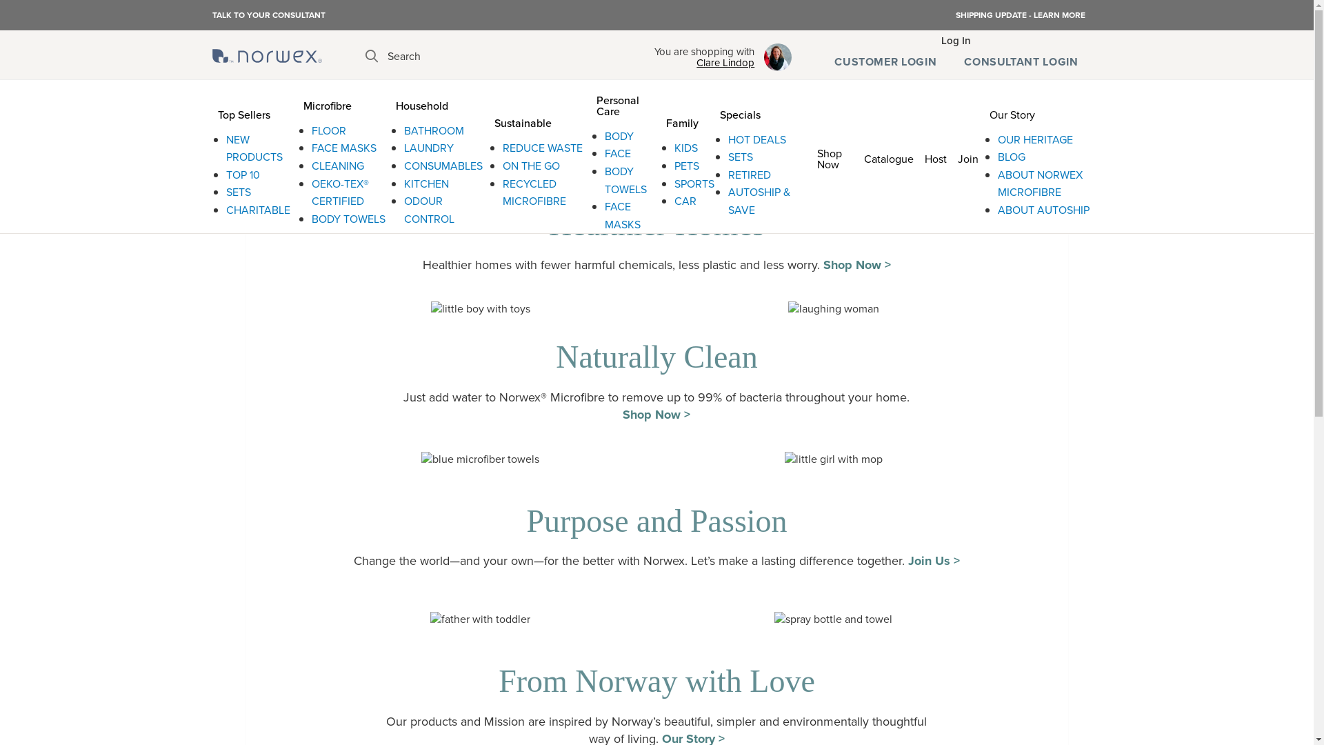 Image resolution: width=1324 pixels, height=745 pixels. What do you see at coordinates (758, 201) in the screenshot?
I see `'AUTOSHIP & SAVE'` at bounding box center [758, 201].